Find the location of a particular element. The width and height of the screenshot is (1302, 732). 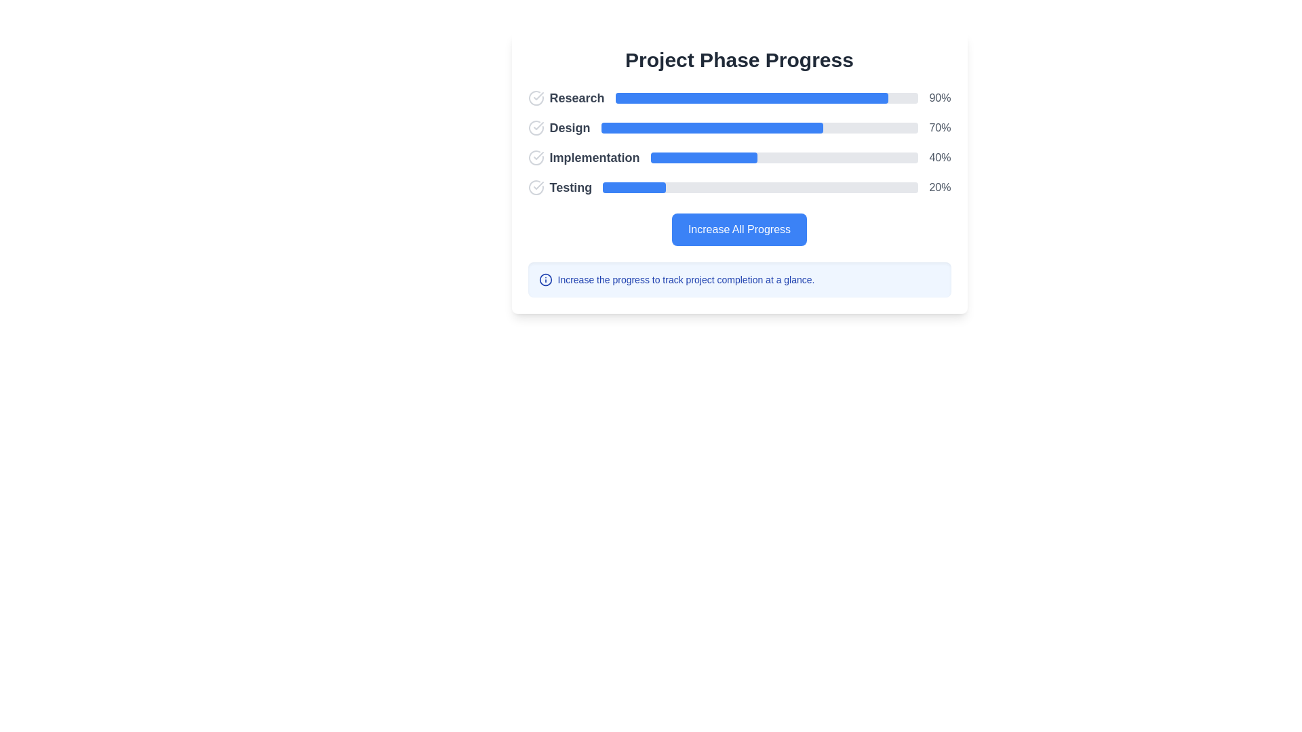

the completion status icon indicating the 'Design' phase in the progress tracker, located to the left of the text 'Design' is located at coordinates (535, 128).